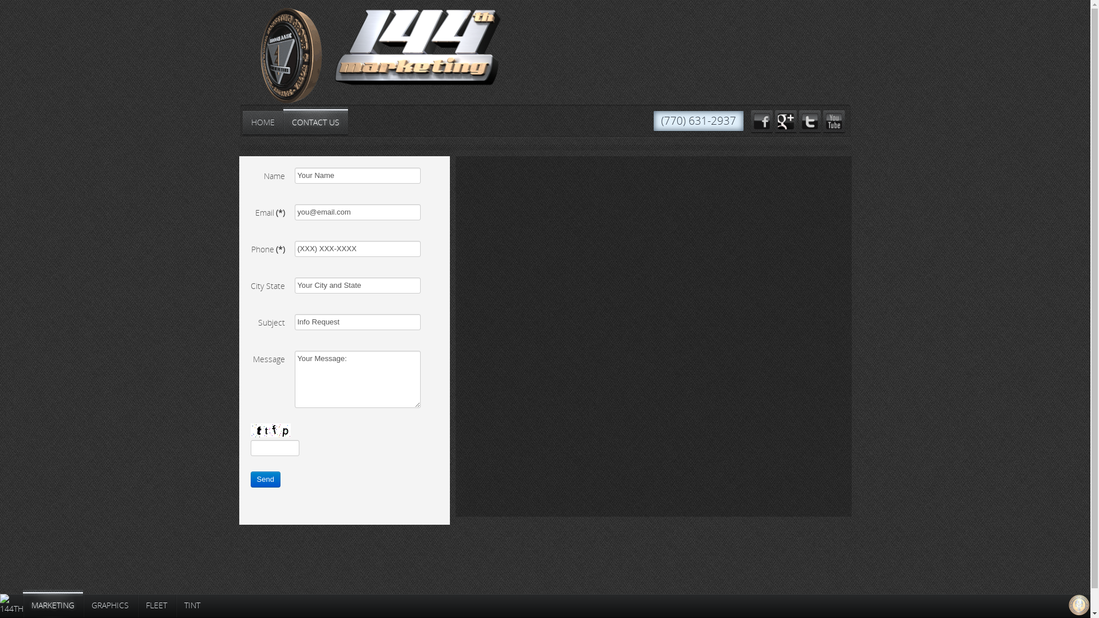  I want to click on '144th 3D Coin', so click(280, 58).